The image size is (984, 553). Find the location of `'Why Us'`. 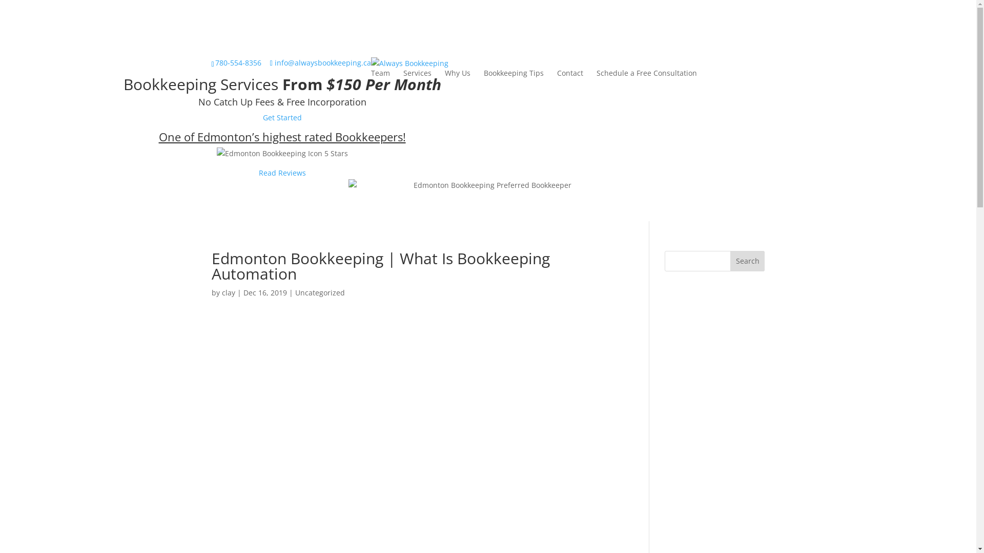

'Why Us' is located at coordinates (457, 72).